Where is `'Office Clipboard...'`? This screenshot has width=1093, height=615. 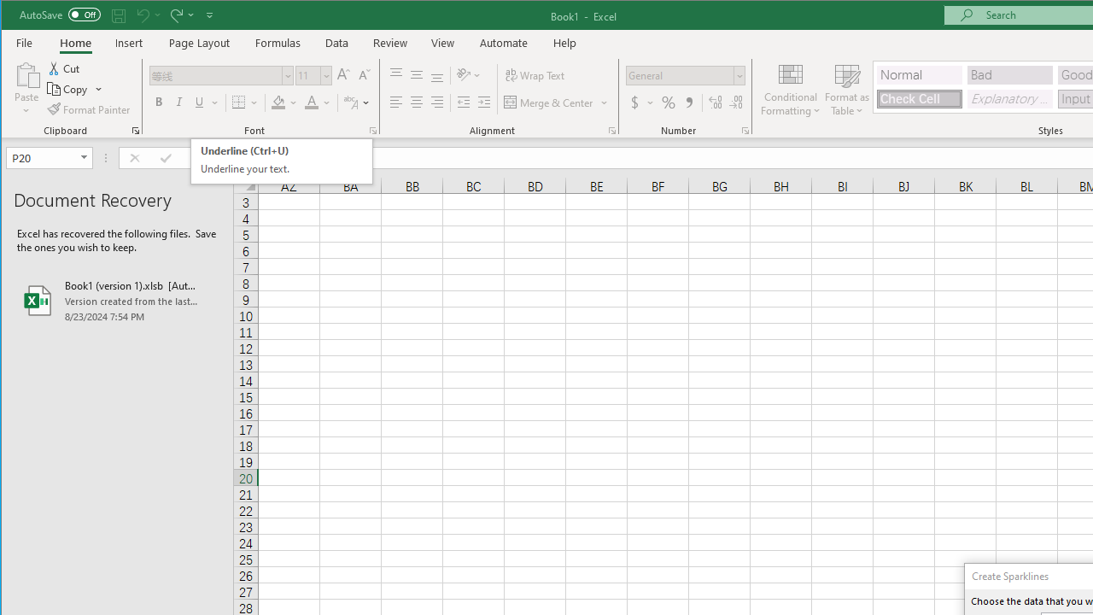
'Office Clipboard...' is located at coordinates (134, 130).